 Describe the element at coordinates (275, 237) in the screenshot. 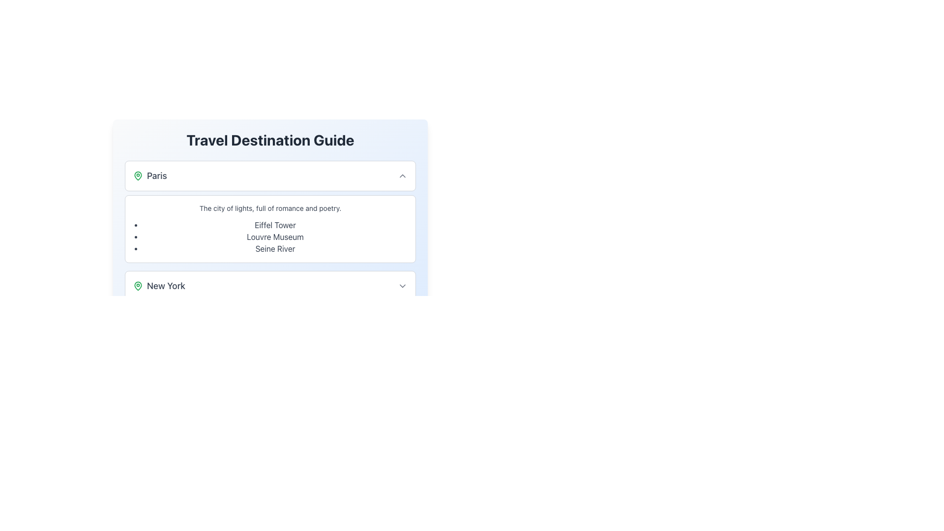

I see `the text element 'Louvre Museum' which is the second item in a bullet list under the 'Paris' heading in a travel destination guide interface` at that location.